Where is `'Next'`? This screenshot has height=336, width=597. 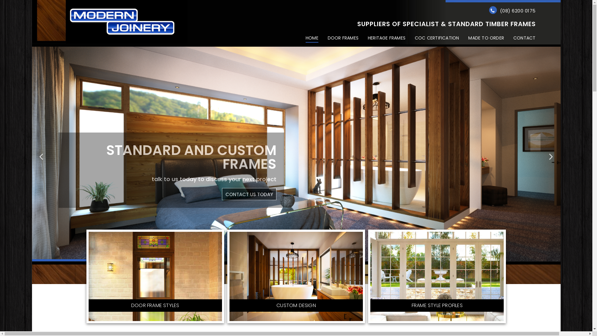
'Next' is located at coordinates (551, 154).